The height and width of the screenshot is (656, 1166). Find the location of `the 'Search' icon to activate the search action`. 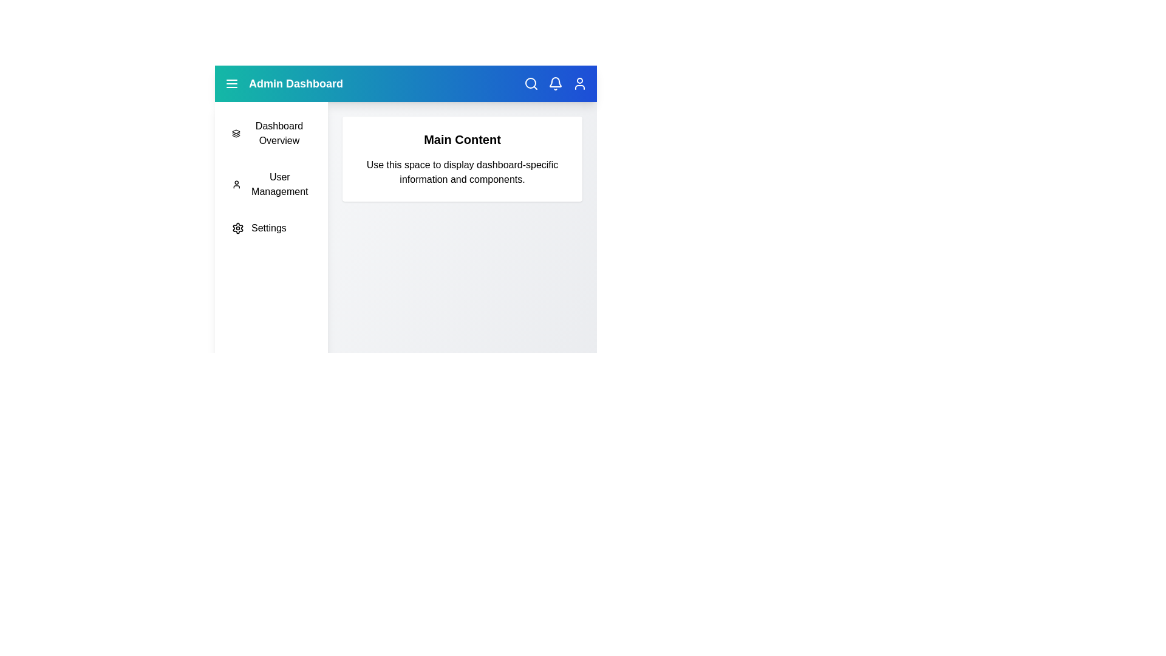

the 'Search' icon to activate the search action is located at coordinates (531, 83).